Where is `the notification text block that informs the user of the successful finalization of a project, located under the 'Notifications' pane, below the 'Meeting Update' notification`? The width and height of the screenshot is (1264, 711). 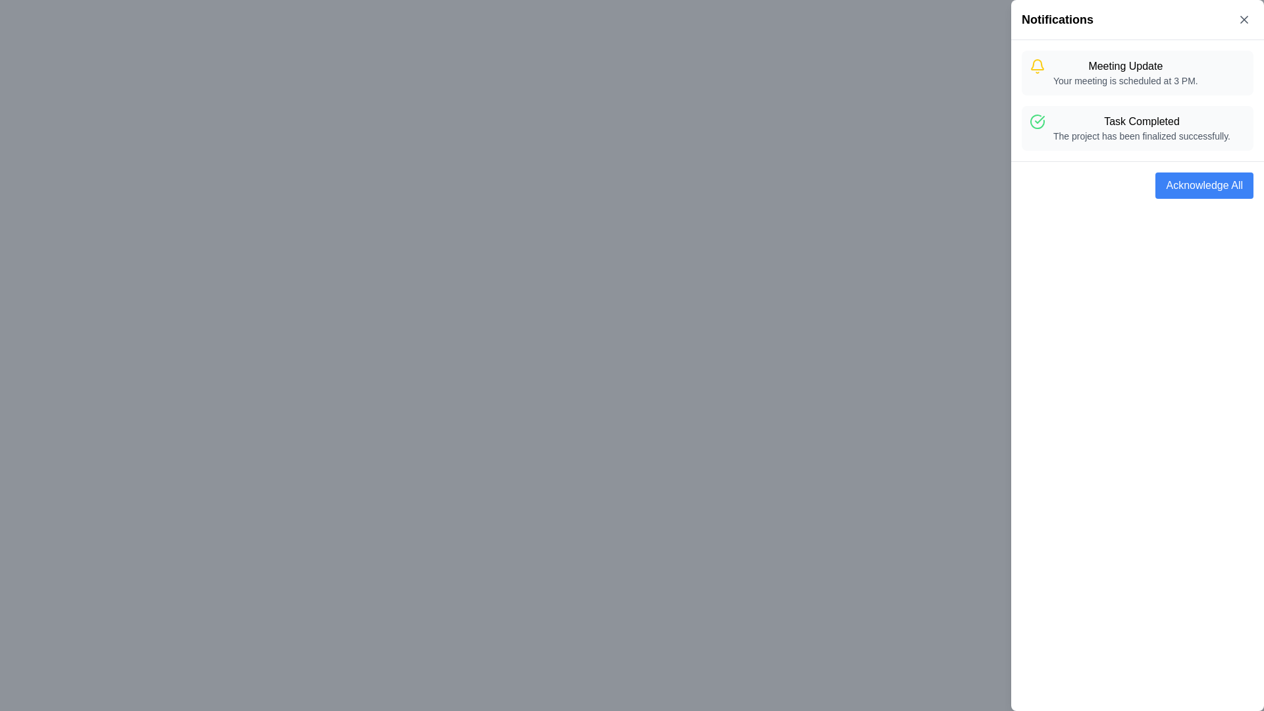
the notification text block that informs the user of the successful finalization of a project, located under the 'Notifications' pane, below the 'Meeting Update' notification is located at coordinates (1141, 128).